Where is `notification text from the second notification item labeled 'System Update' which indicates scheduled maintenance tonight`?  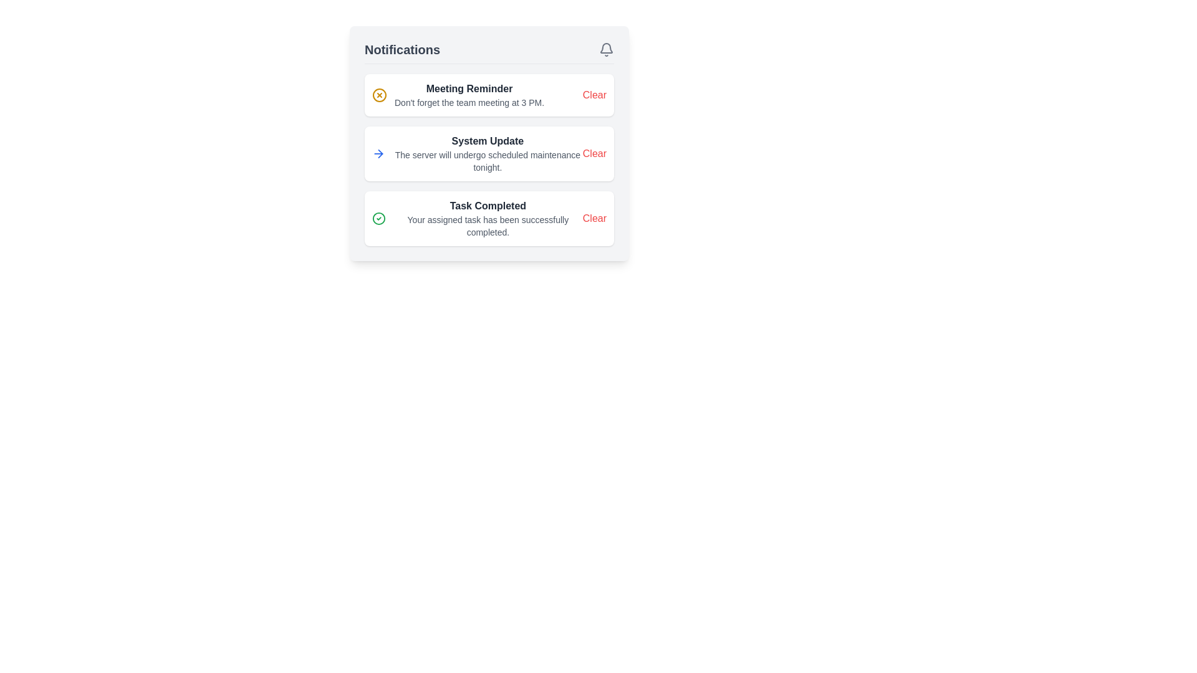 notification text from the second notification item labeled 'System Update' which indicates scheduled maintenance tonight is located at coordinates (476, 153).